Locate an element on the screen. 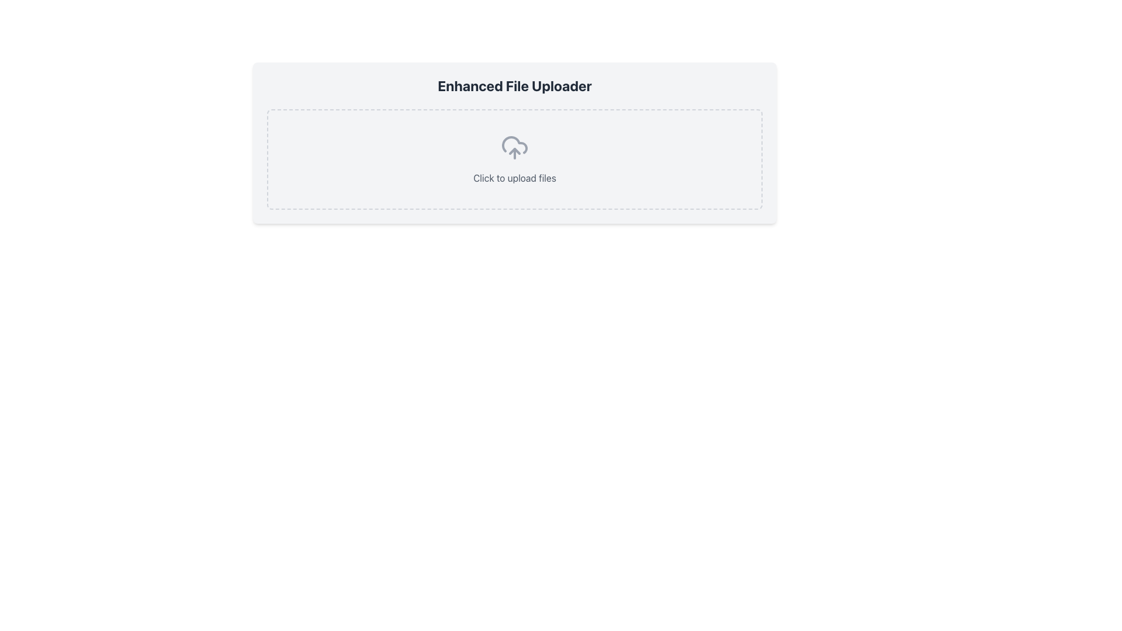  the clickable upload button with a cloud icon and 'Click to upload files' text is located at coordinates (514, 160).